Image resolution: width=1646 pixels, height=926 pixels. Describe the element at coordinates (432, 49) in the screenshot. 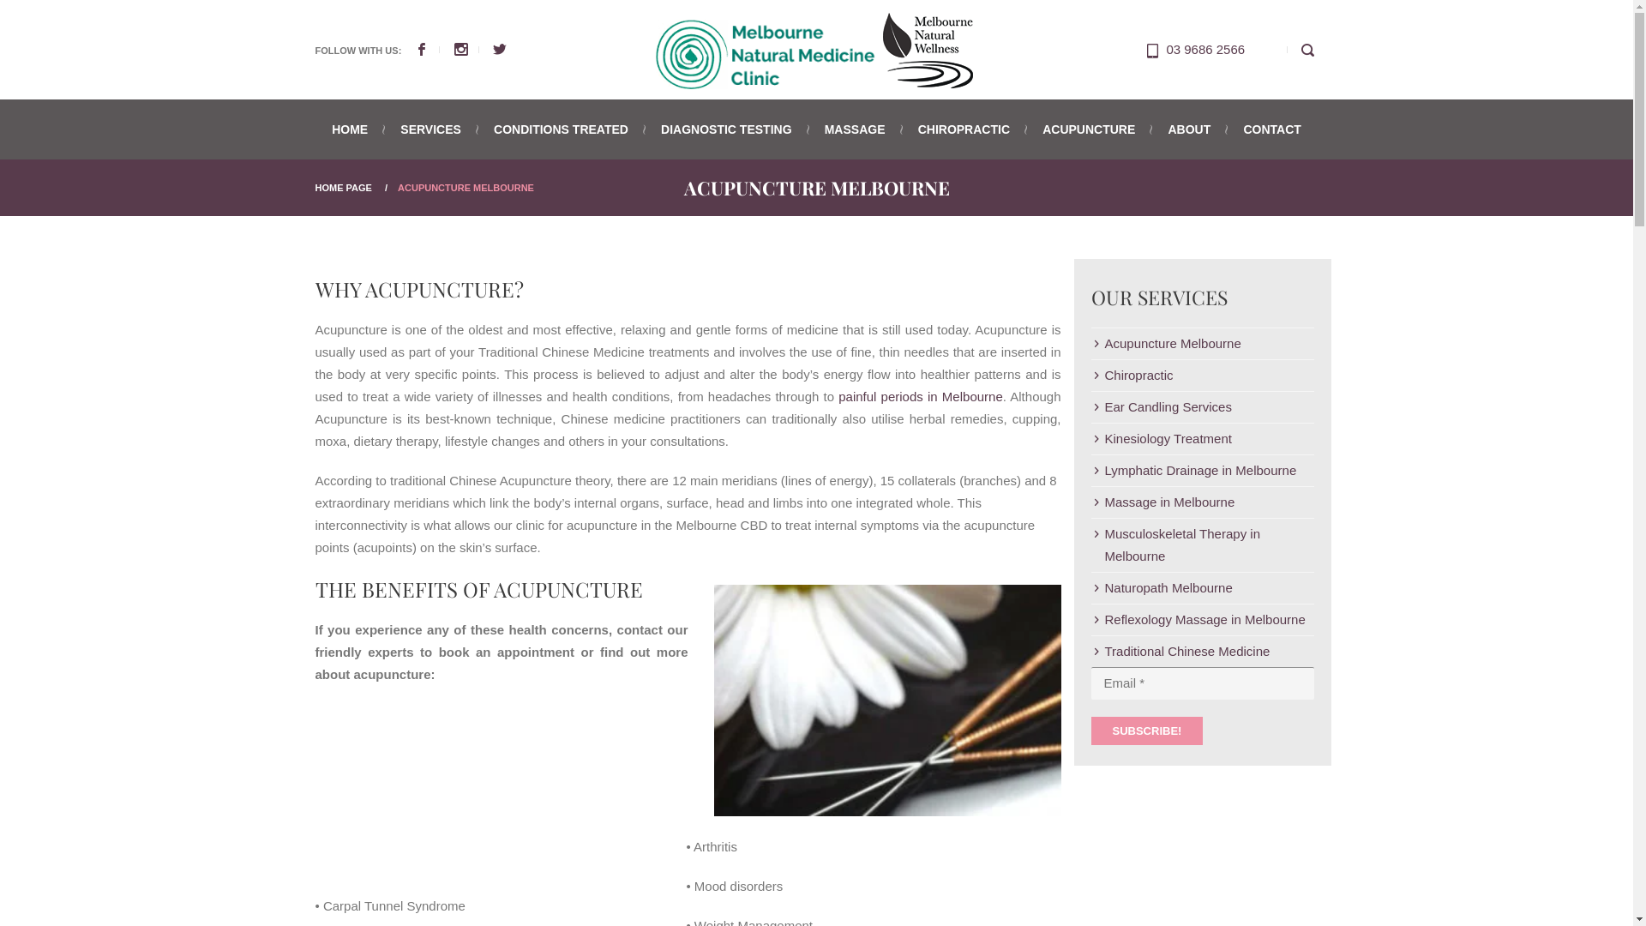

I see `'Facebook'` at that location.